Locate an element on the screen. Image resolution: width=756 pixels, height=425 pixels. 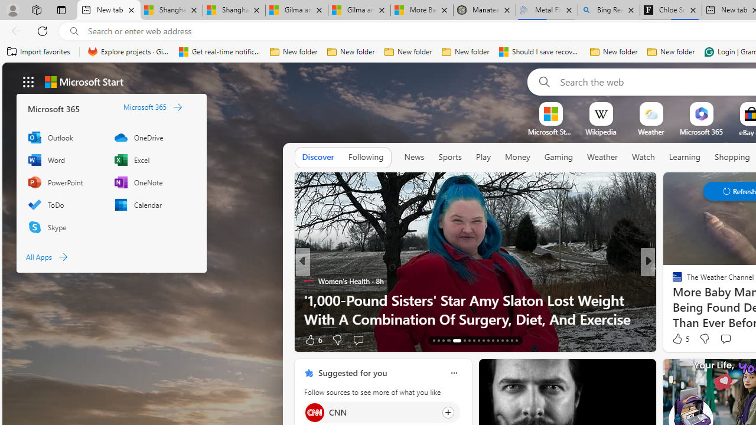
'AutomationID: tab-21' is located at coordinates (478, 341).